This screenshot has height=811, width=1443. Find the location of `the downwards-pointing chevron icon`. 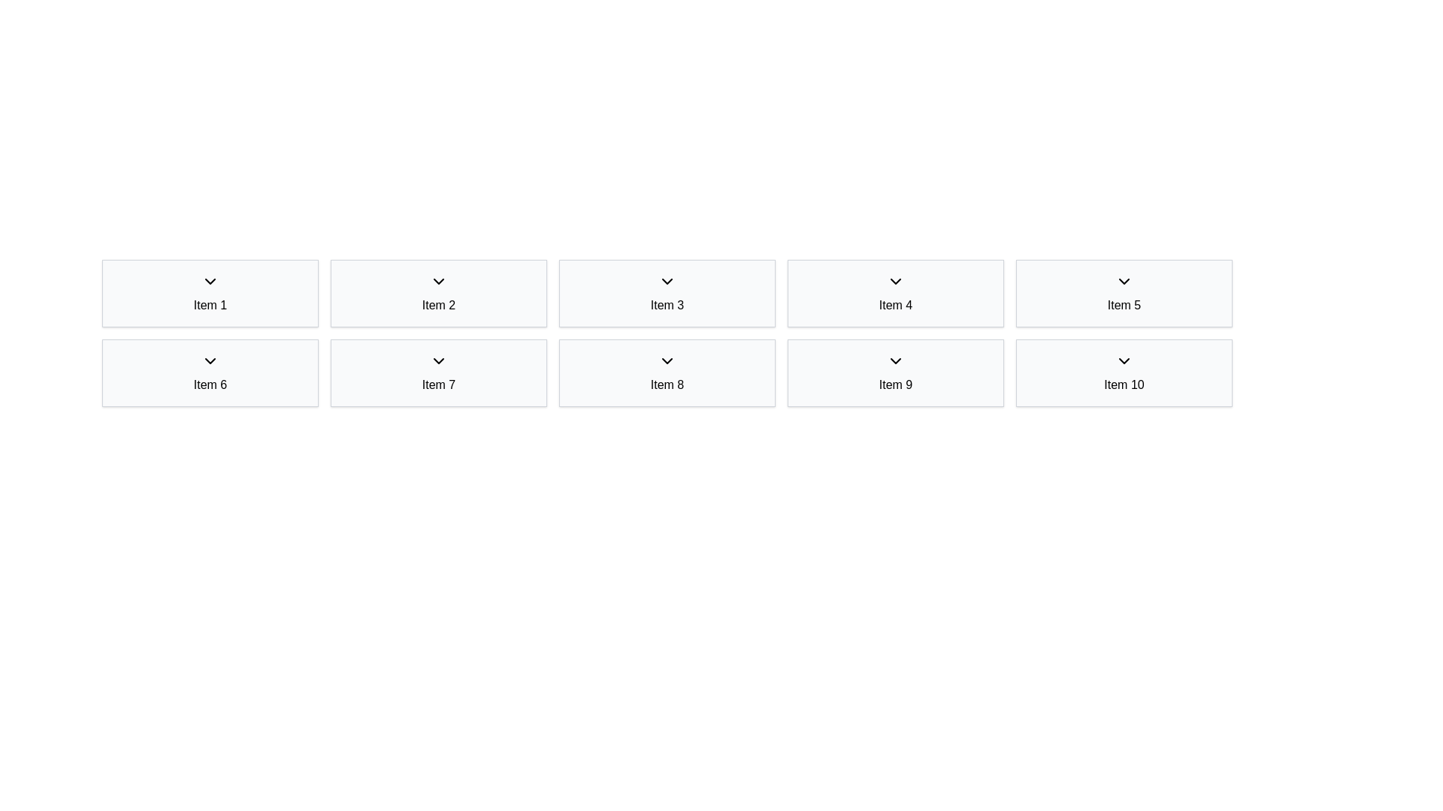

the downwards-pointing chevron icon is located at coordinates (667, 361).